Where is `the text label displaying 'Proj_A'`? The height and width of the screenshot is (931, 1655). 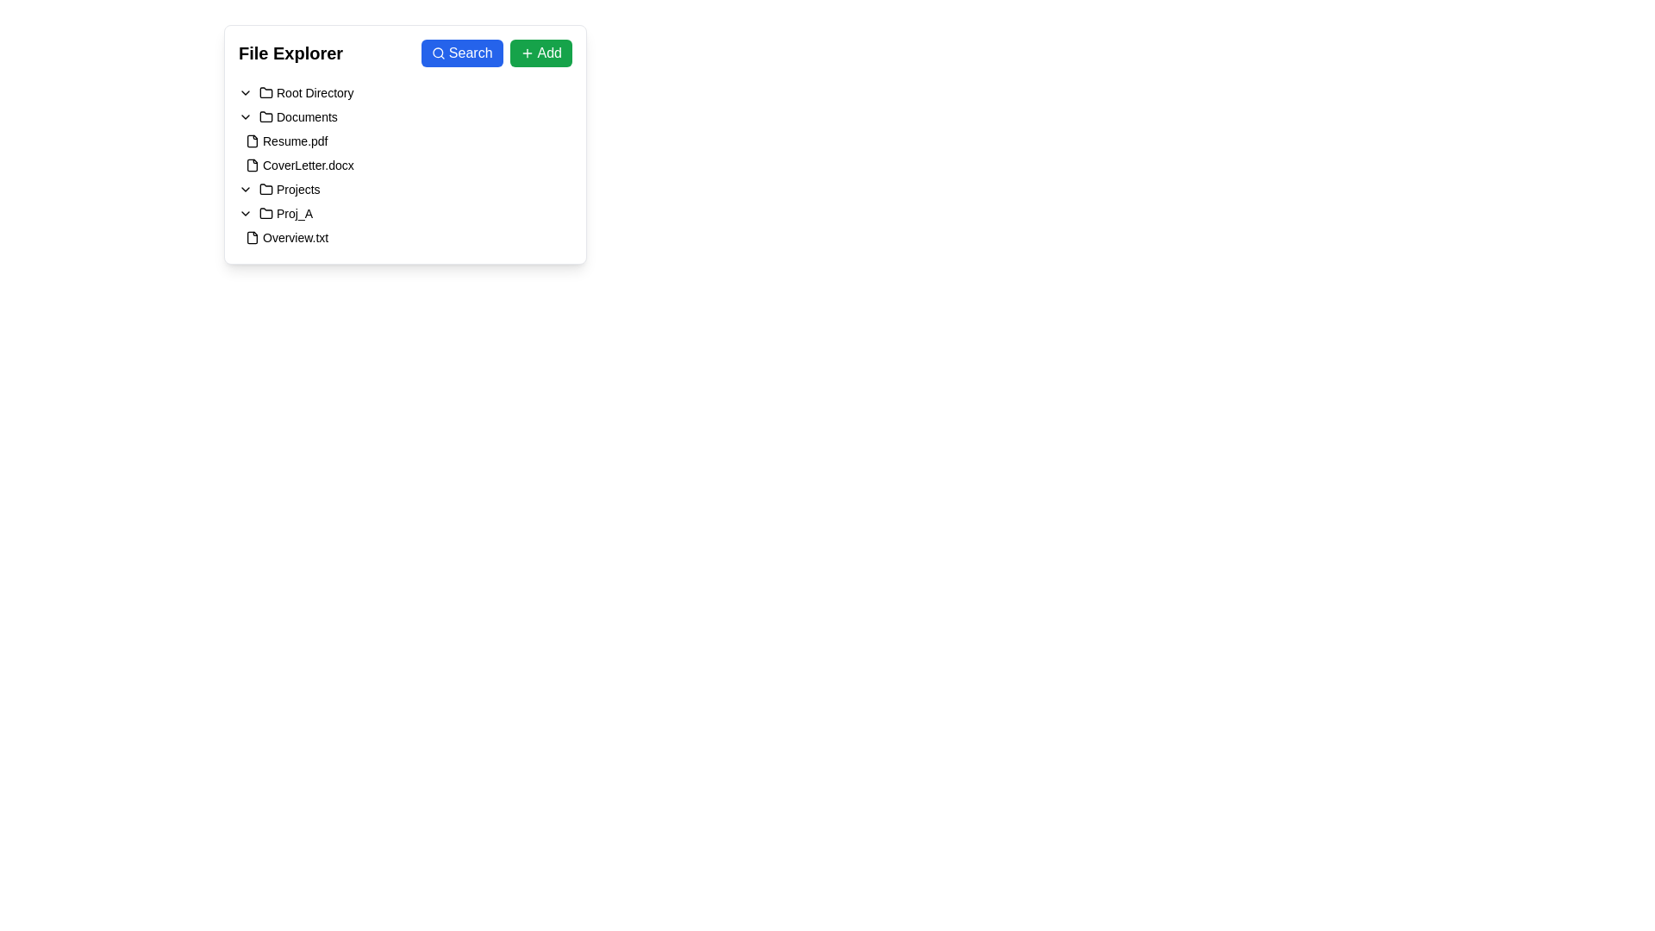
the text label displaying 'Proj_A' is located at coordinates (294, 212).